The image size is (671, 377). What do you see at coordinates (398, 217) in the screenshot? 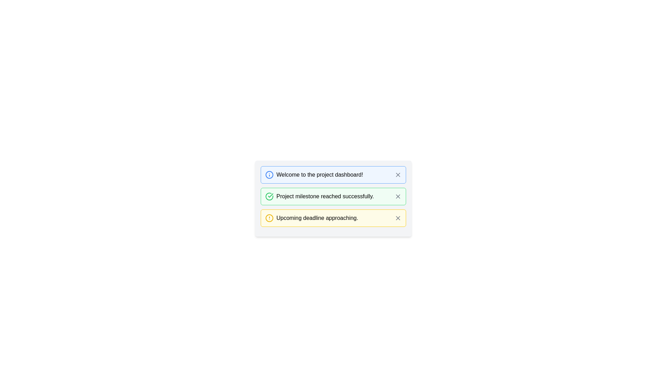
I see `the dismiss button located at the right end of the yellow-bordered notification box displaying 'Upcoming deadline approaching.'` at bounding box center [398, 217].